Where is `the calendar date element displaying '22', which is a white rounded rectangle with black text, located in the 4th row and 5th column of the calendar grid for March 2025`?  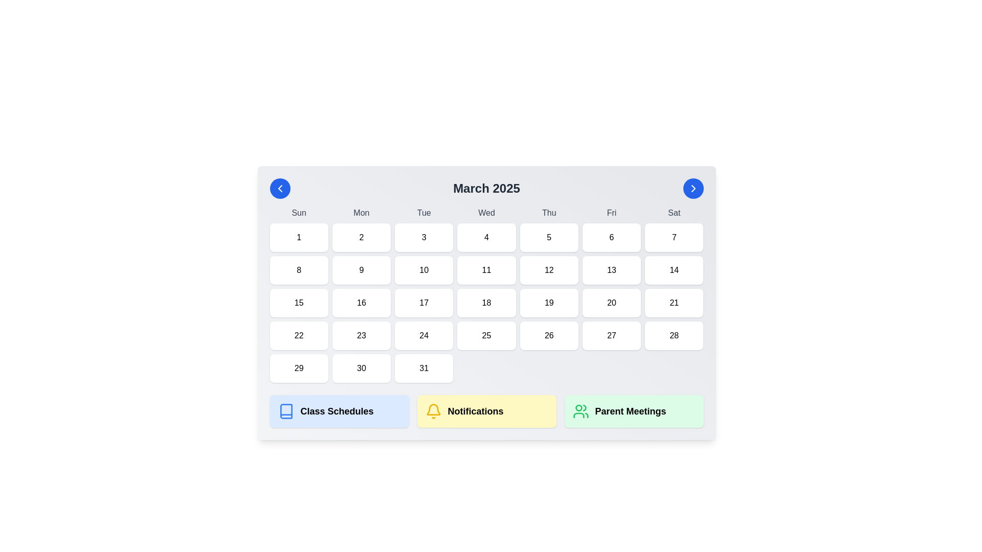 the calendar date element displaying '22', which is a white rounded rectangle with black text, located in the 4th row and 5th column of the calendar grid for March 2025 is located at coordinates (298, 335).